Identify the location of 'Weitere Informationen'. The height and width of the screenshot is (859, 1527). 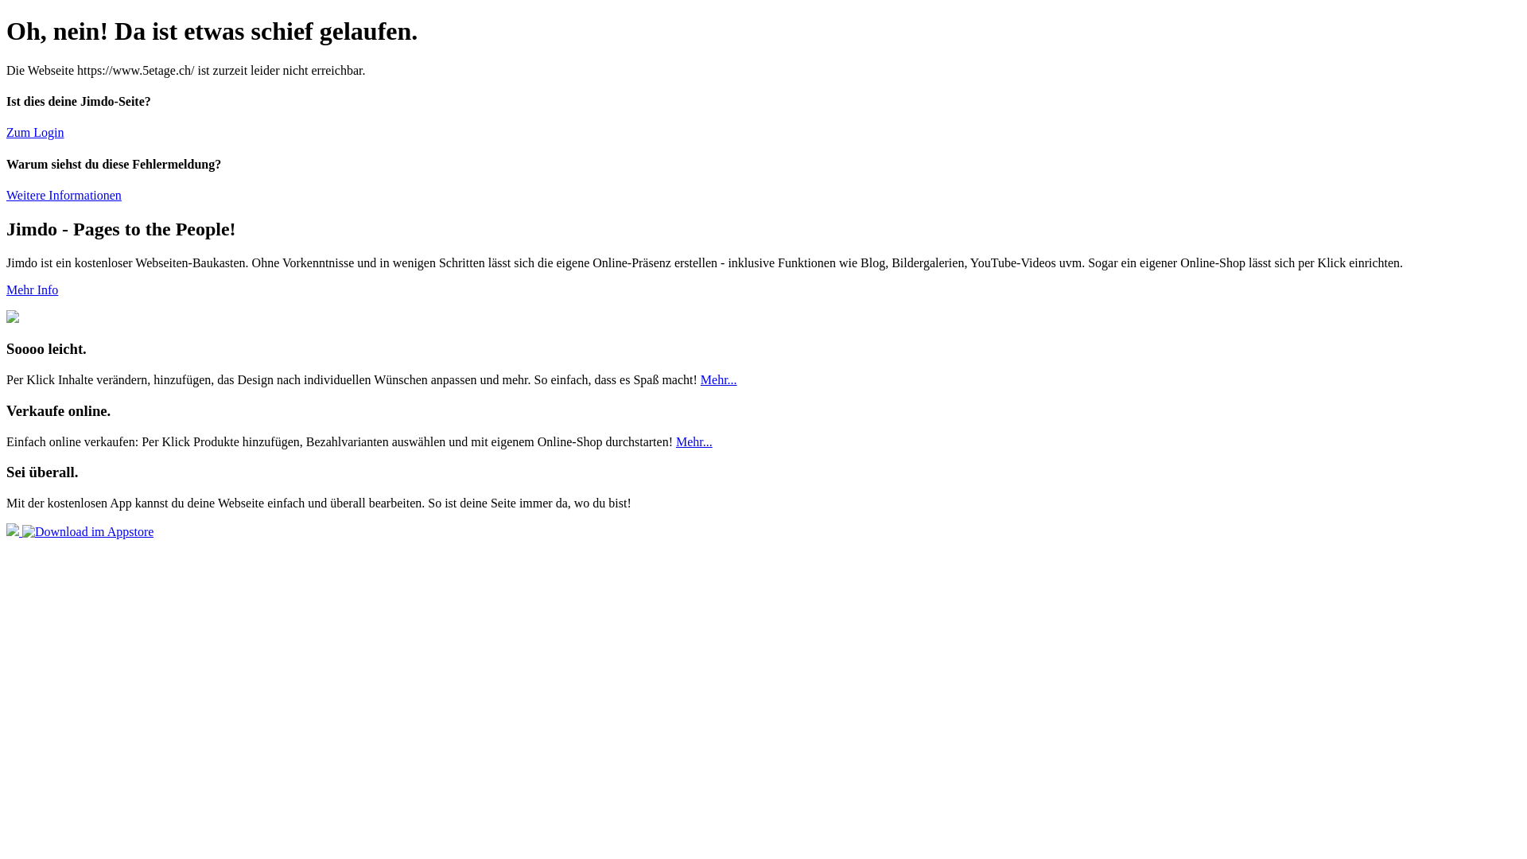
(64, 194).